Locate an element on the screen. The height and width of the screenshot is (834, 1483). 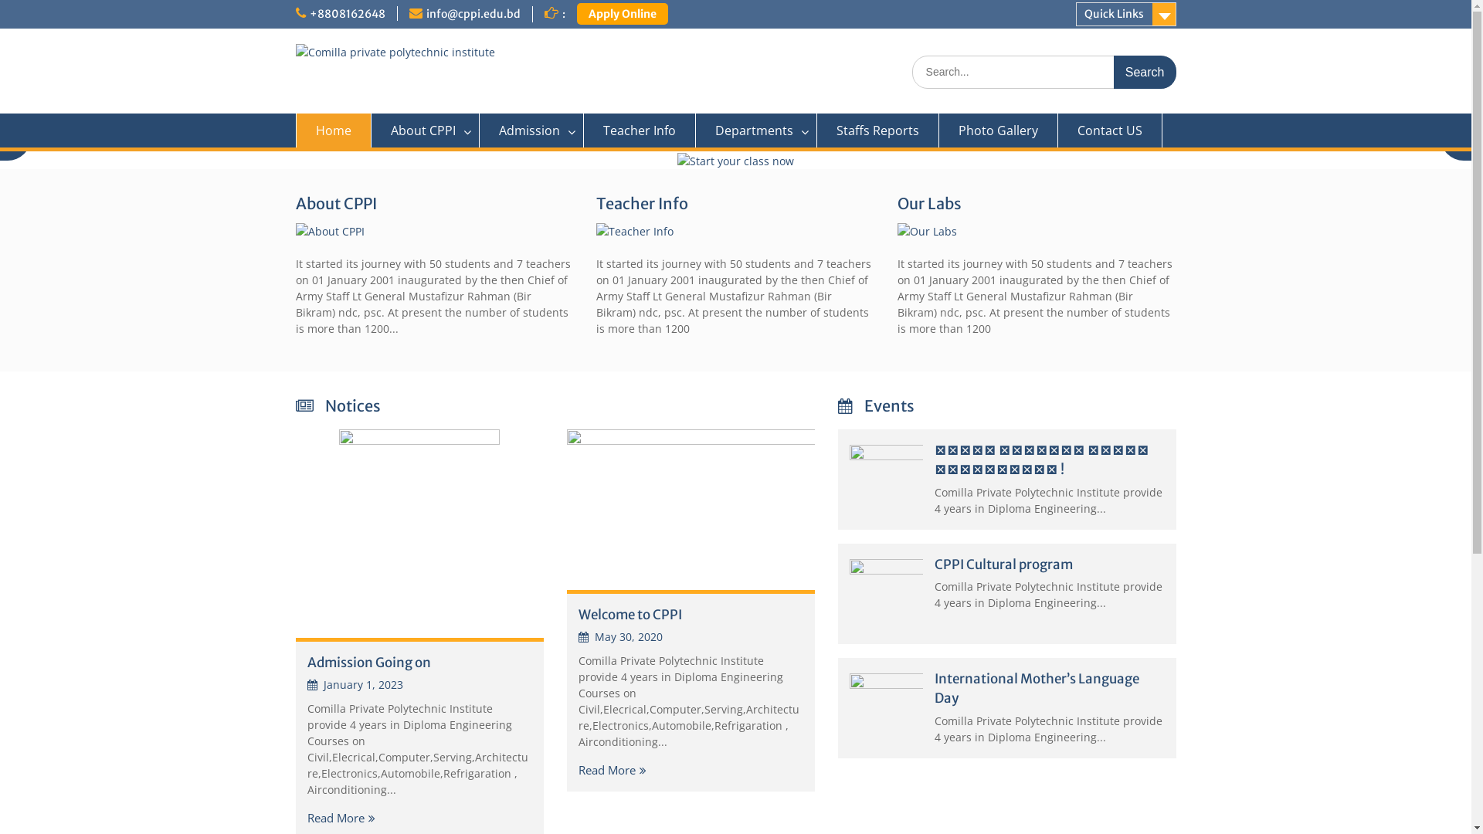
'Quick Links' is located at coordinates (1074, 14).